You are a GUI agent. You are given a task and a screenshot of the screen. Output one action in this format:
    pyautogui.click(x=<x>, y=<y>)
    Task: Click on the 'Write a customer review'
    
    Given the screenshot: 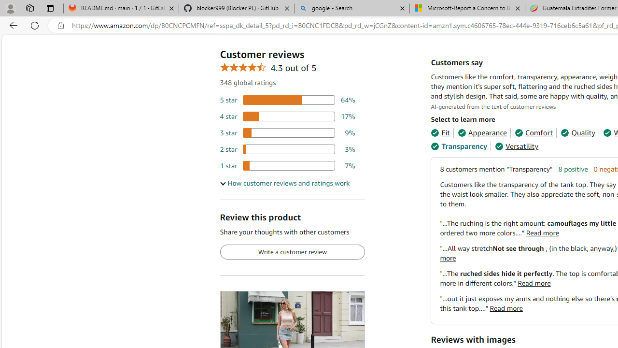 What is the action you would take?
    pyautogui.click(x=292, y=252)
    